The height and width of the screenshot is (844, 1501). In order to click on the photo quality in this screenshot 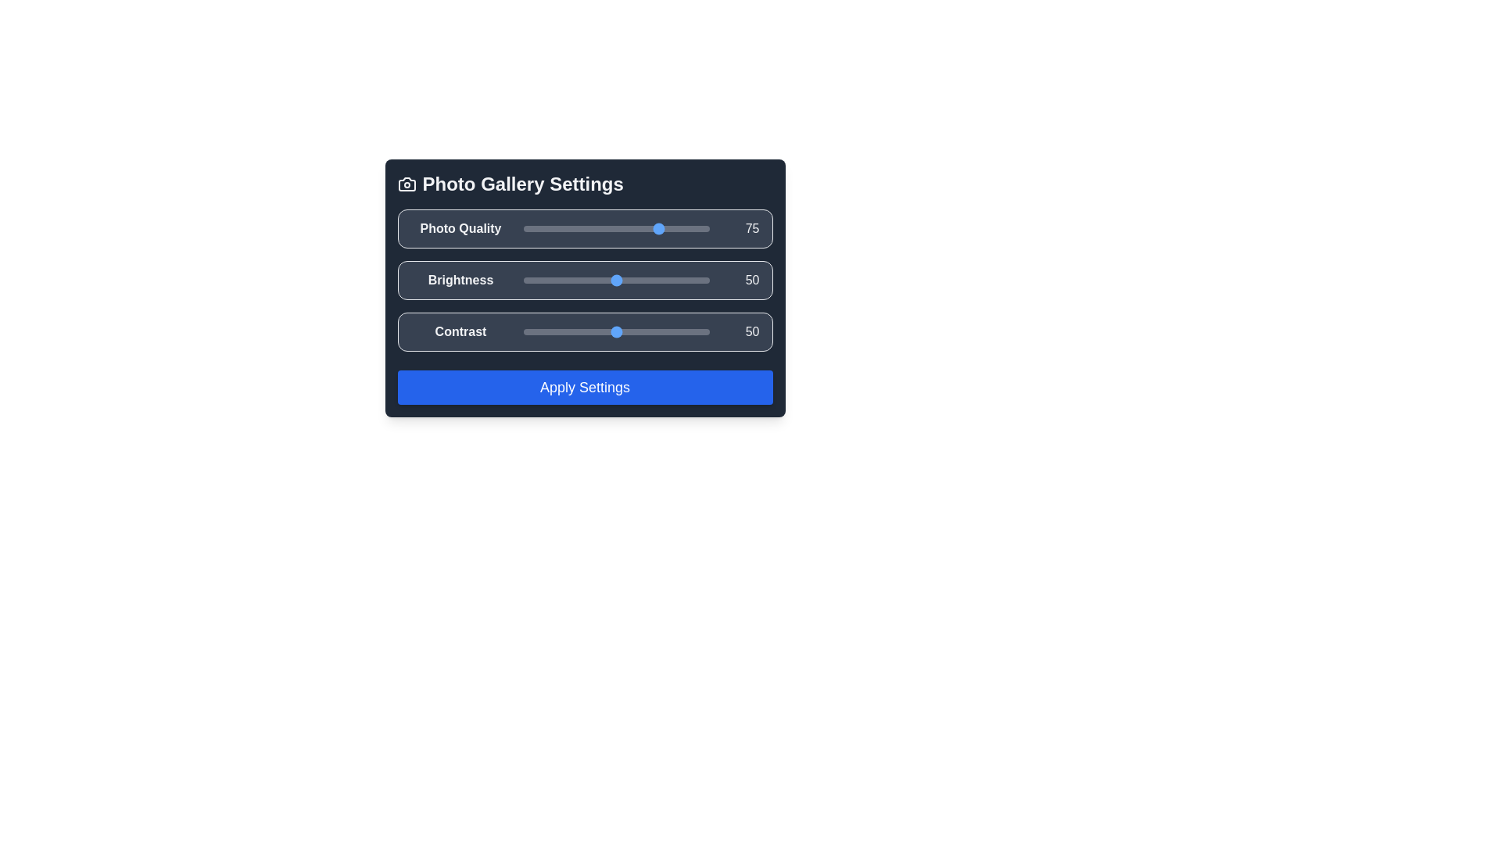, I will do `click(666, 229)`.